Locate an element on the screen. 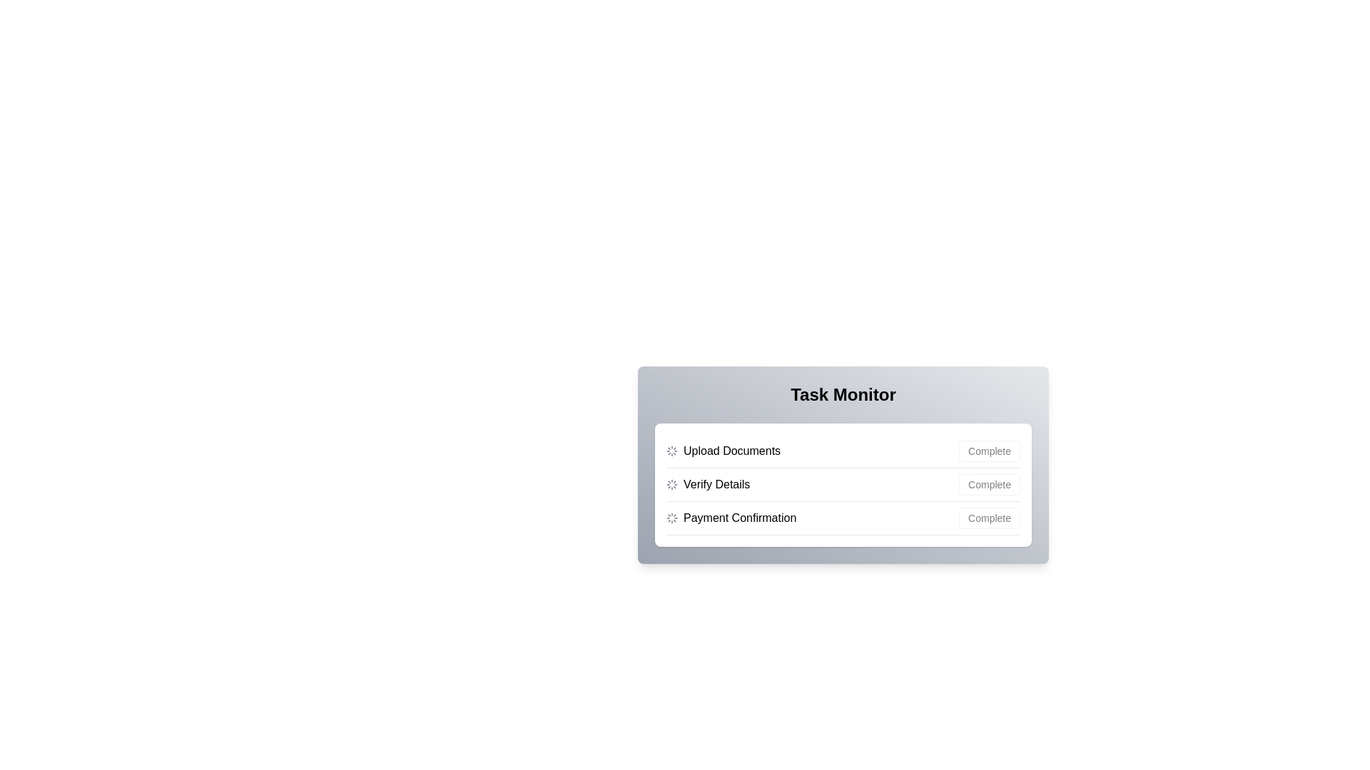 The image size is (1370, 770). the first list item labeled 'Upload Documents' in the 'Task Monitor' panel is located at coordinates (843, 451).